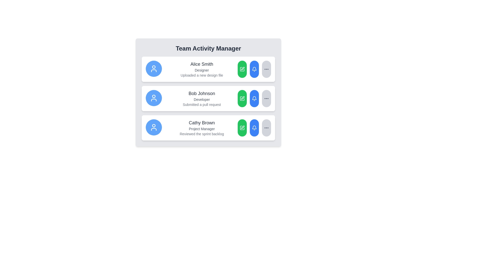 The image size is (485, 273). I want to click on the ellipsis menu icon button associated with user 'Bob Johnson', so click(266, 127).